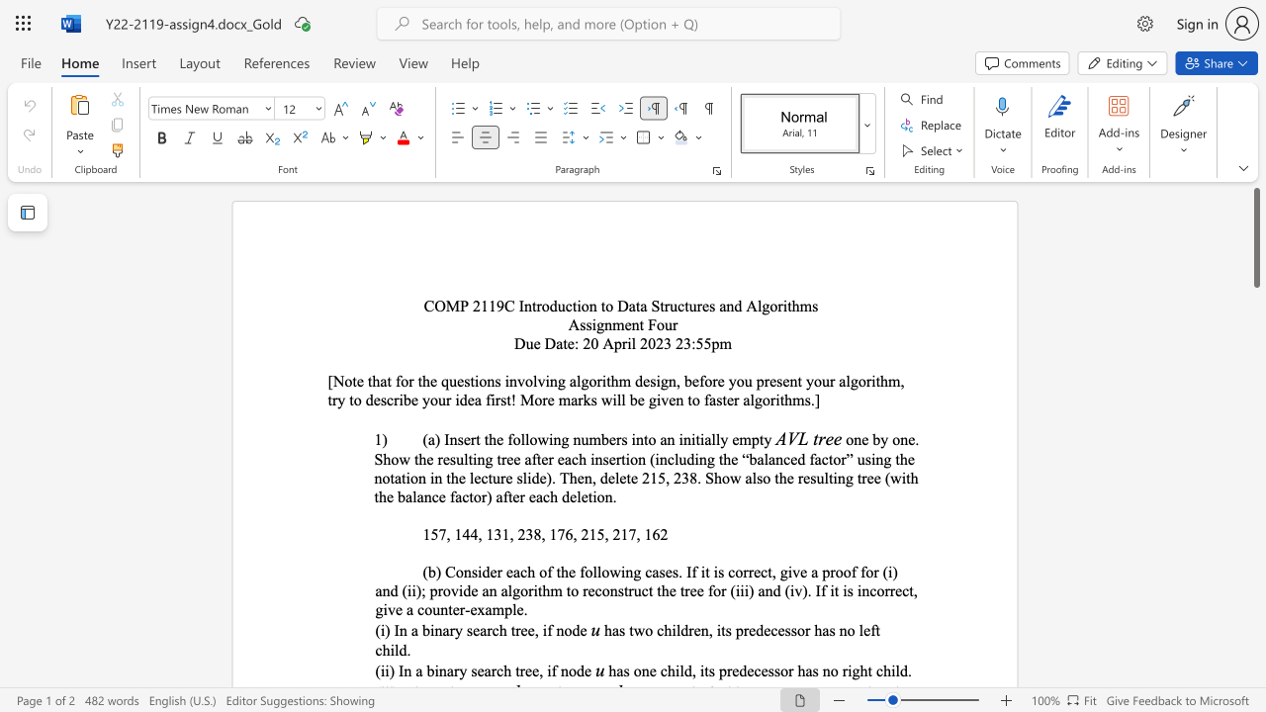  Describe the element at coordinates (1255, 475) in the screenshot. I see `the scrollbar on the right to shift the page lower` at that location.